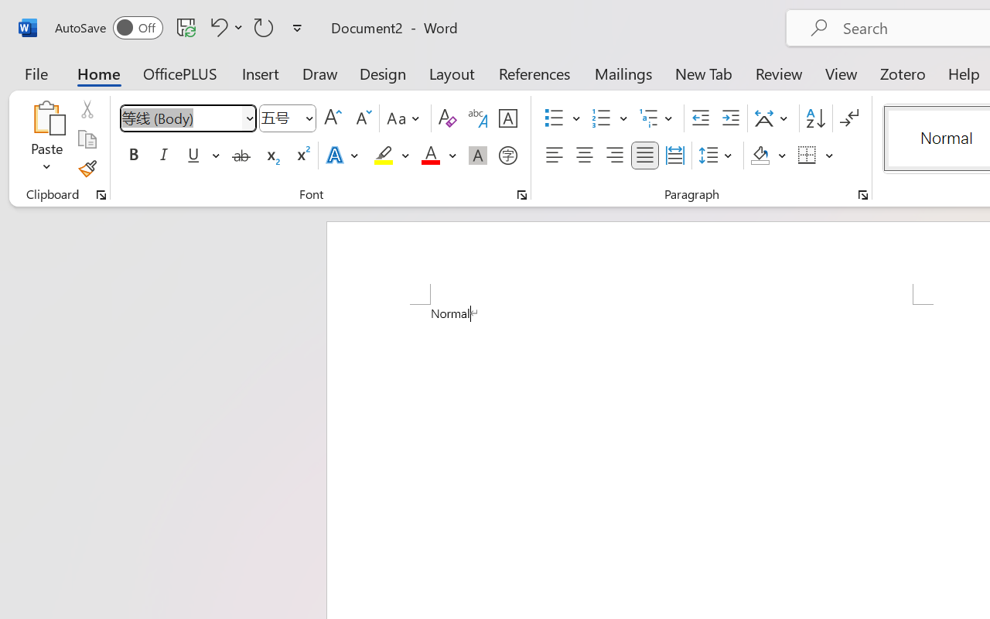 Image resolution: width=990 pixels, height=619 pixels. I want to click on 'Draw', so click(319, 73).